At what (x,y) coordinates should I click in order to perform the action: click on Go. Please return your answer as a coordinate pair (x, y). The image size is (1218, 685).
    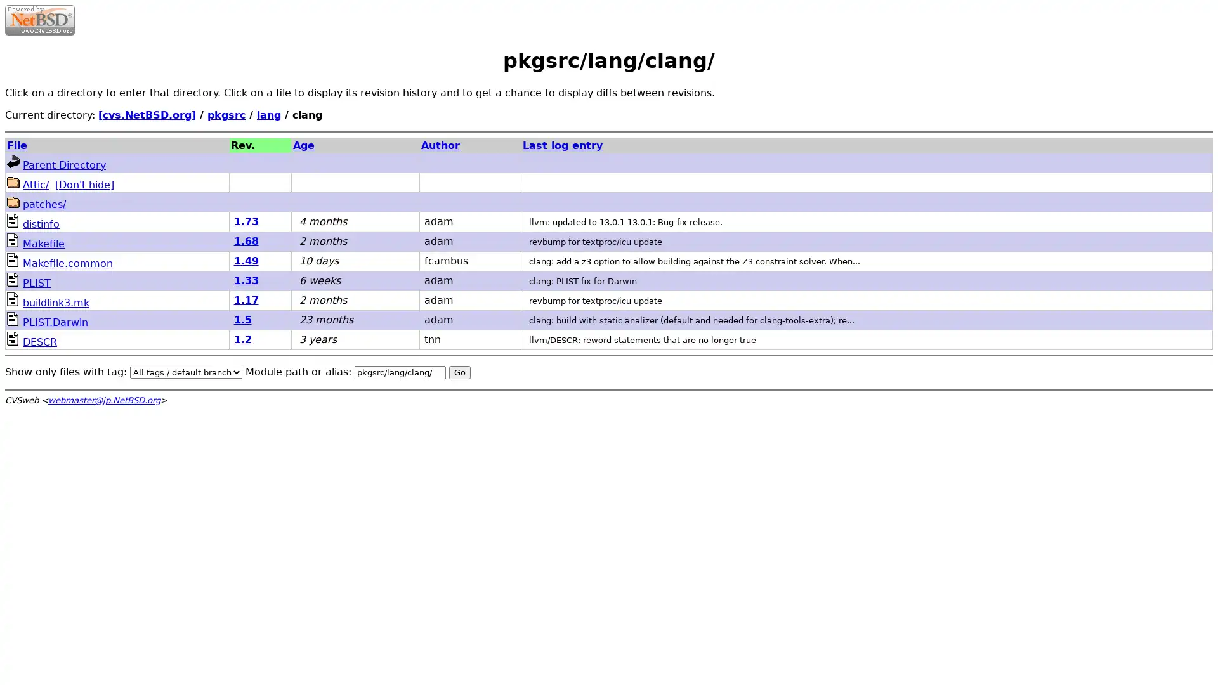
    Looking at the image, I should click on (459, 371).